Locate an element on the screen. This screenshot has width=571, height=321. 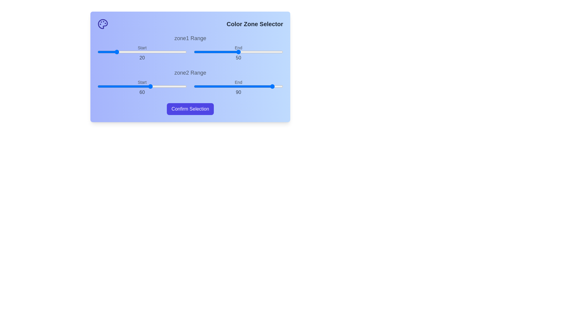
the start range slider for zone2 to 60 is located at coordinates (151, 86).